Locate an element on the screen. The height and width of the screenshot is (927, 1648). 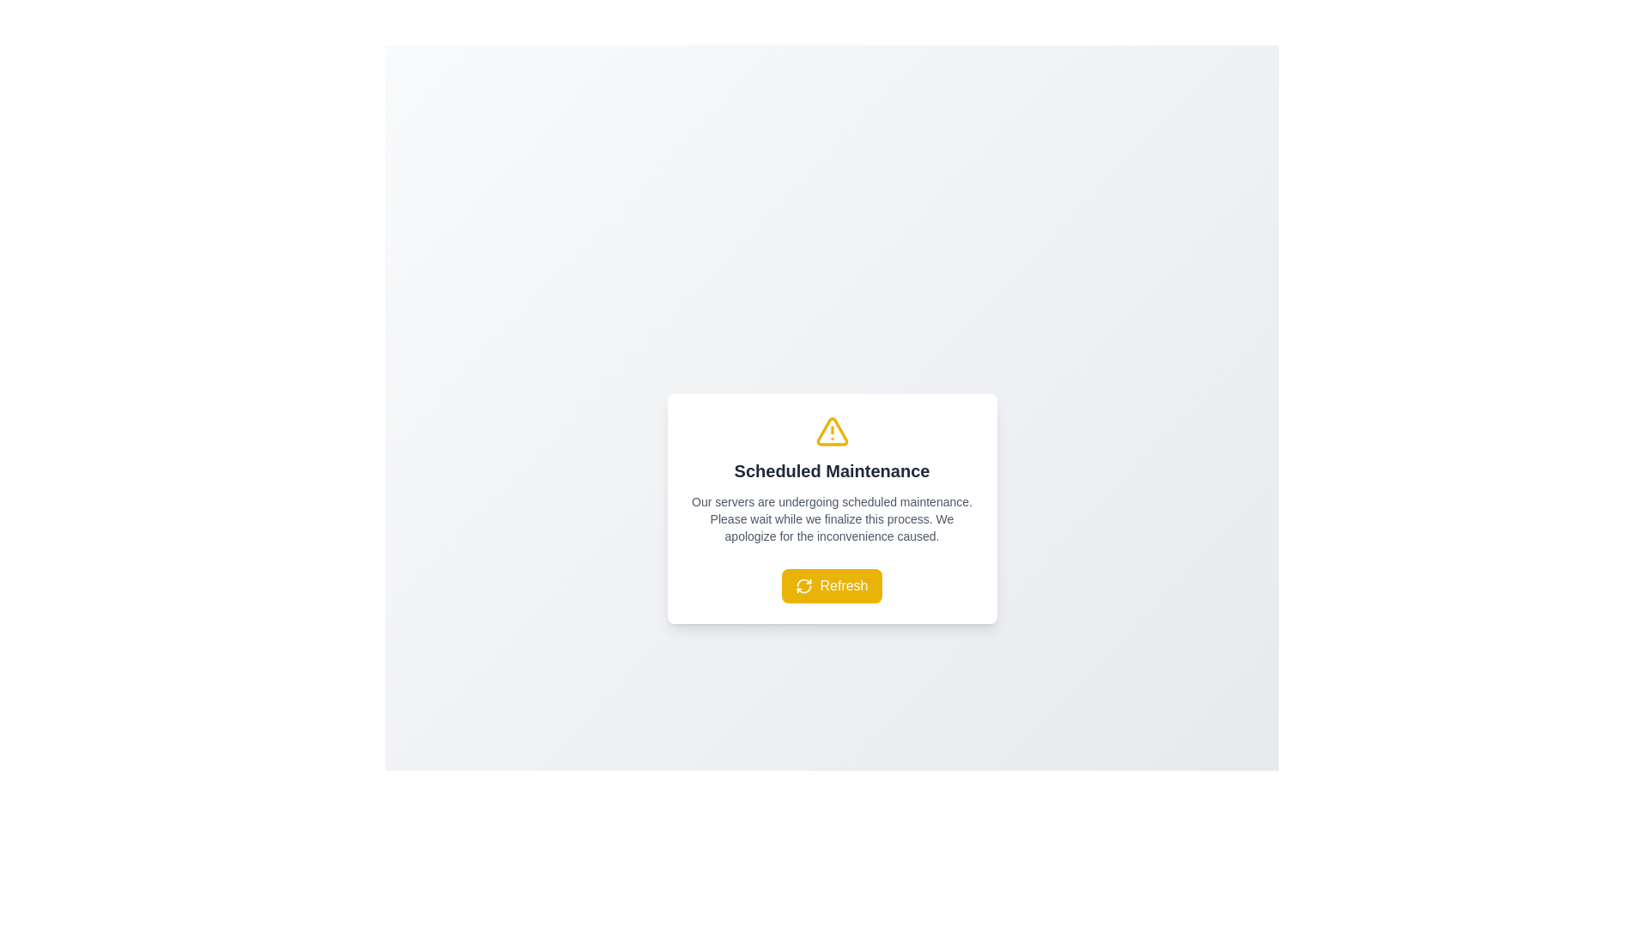
the refresh button located at the bottom of the card interface to observe hover effects is located at coordinates (832, 585).